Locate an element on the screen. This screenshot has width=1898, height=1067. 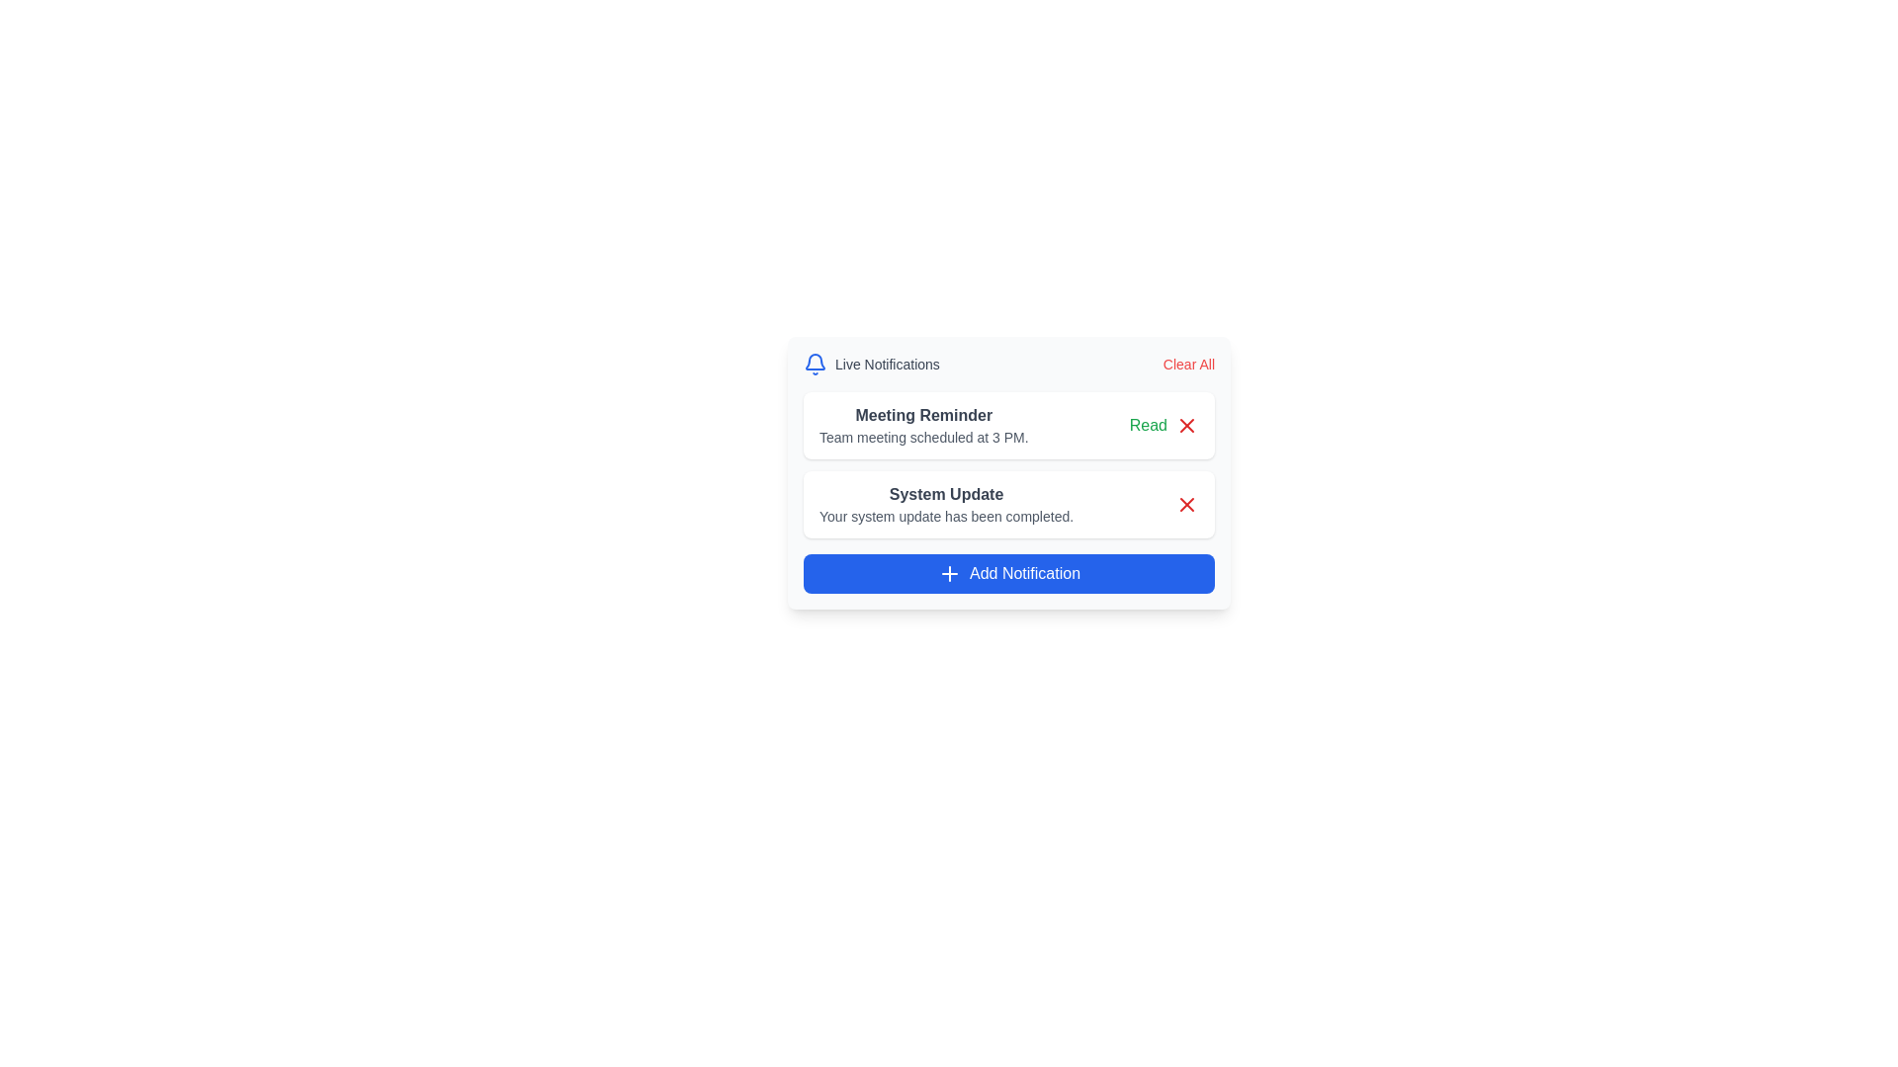
the notification icon, which serves as a static visual indicator for notifications located at the top-left corner of the notification section is located at coordinates (816, 362).